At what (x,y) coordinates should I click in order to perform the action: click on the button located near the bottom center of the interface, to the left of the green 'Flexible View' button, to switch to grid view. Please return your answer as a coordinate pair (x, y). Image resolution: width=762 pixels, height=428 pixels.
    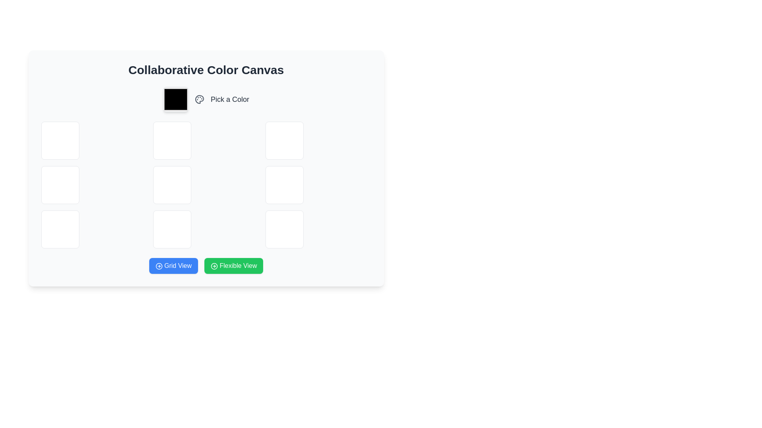
    Looking at the image, I should click on (173, 266).